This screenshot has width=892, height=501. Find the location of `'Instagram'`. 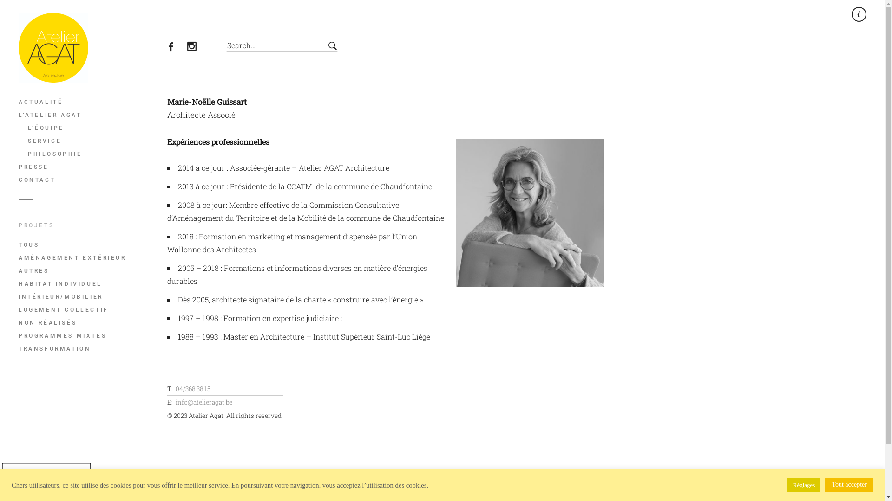

'Instagram' is located at coordinates (197, 48).